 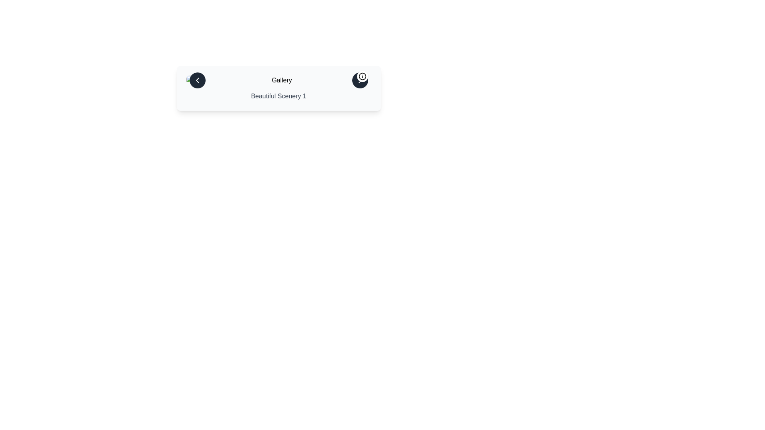 I want to click on the 'Gallery' text label centered within the white card component, which is flanked by navigation icons, so click(x=279, y=80).